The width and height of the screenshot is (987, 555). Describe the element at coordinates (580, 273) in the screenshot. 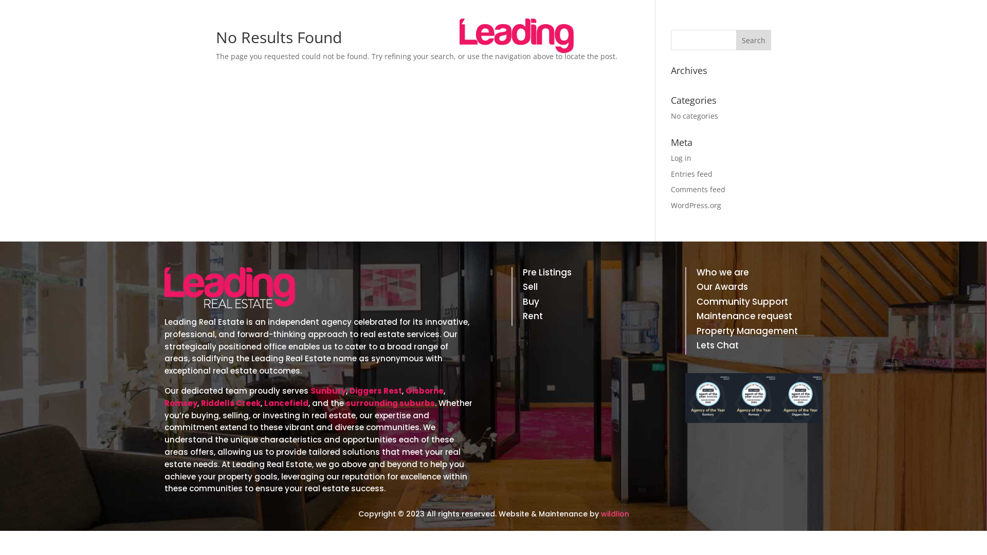

I see `'Pre Listings'` at that location.